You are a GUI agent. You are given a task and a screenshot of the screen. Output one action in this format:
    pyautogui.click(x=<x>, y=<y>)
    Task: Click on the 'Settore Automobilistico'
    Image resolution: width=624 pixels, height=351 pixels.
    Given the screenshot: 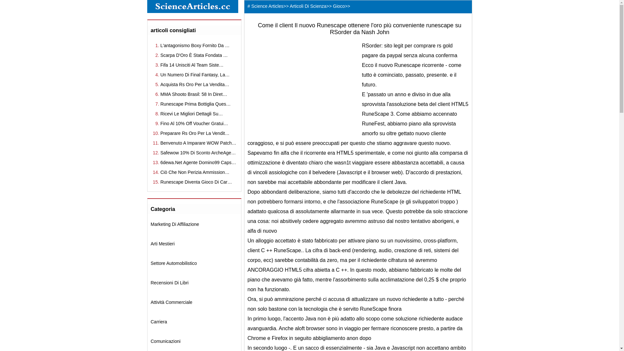 What is the action you would take?
    pyautogui.click(x=150, y=263)
    